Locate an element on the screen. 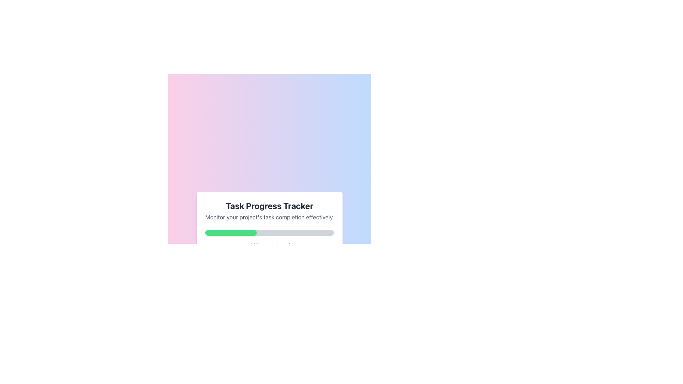  the 40% filled segment of the progress bar located below the 'Task Progress Tracker' label is located at coordinates (231, 233).